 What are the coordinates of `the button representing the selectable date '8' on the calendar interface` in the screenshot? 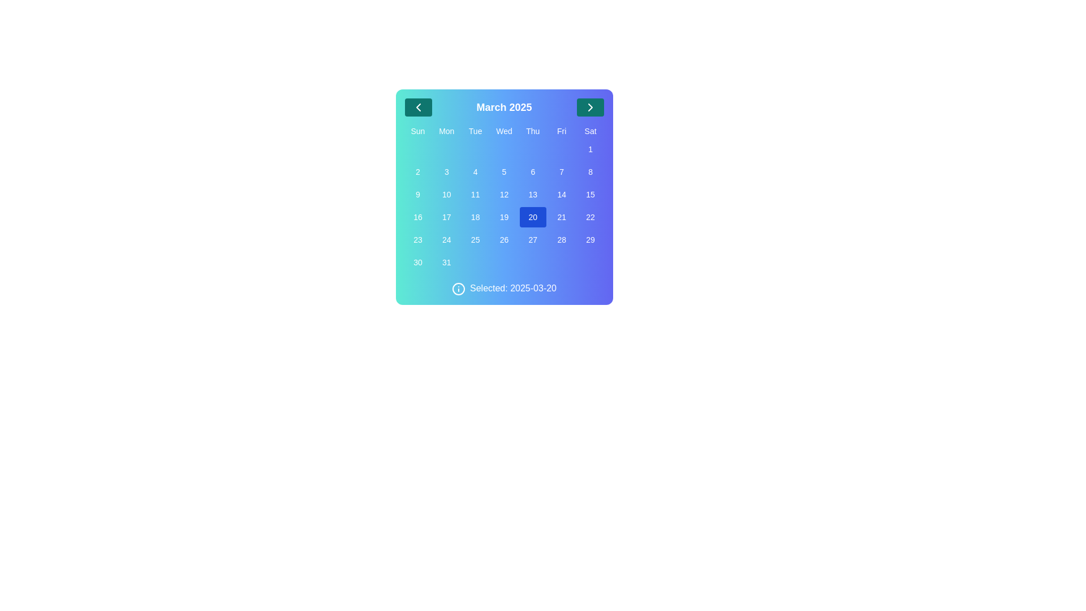 It's located at (590, 172).